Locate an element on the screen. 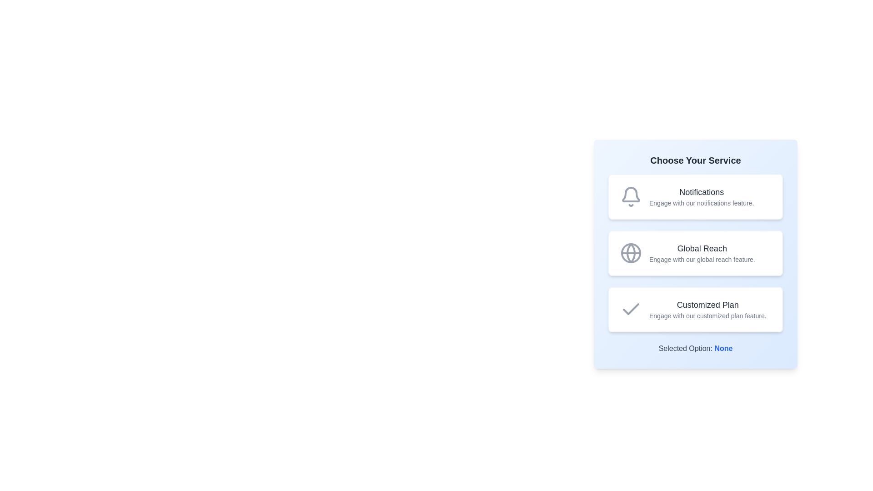 The width and height of the screenshot is (873, 491). the 'Customized Plan' button is located at coordinates (695, 309).